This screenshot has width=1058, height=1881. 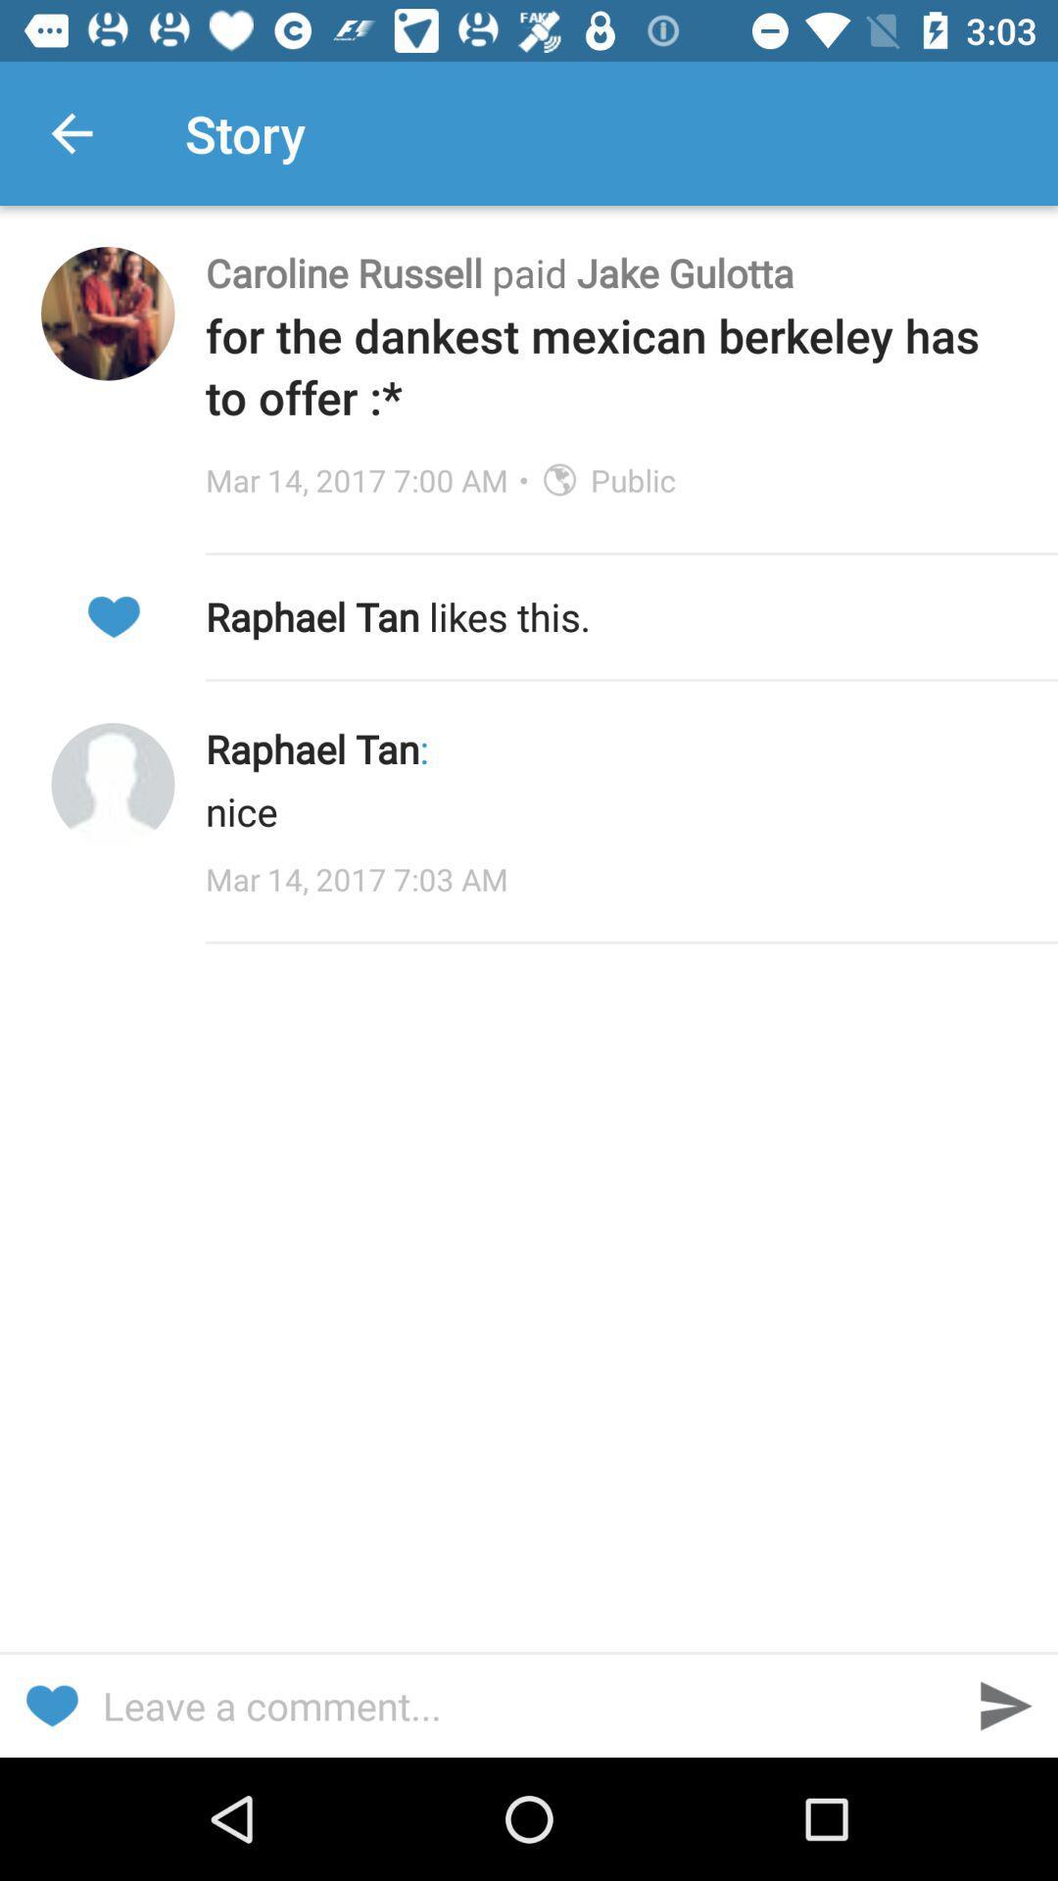 I want to click on the item below story, so click(x=610, y=271).